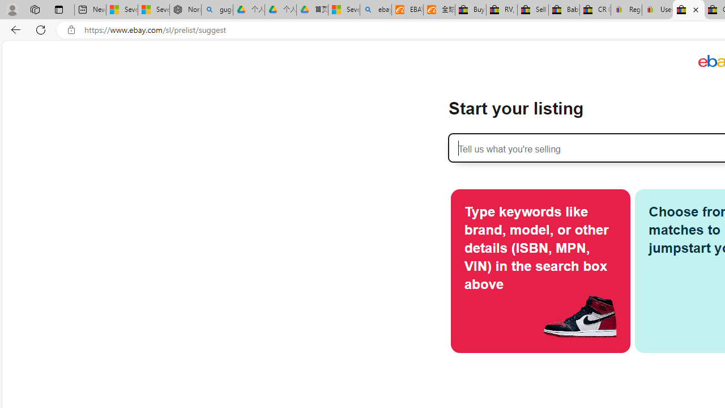  I want to click on 'RV, Trailer & Camper Steps & Ladders for sale | eBay', so click(501, 10).